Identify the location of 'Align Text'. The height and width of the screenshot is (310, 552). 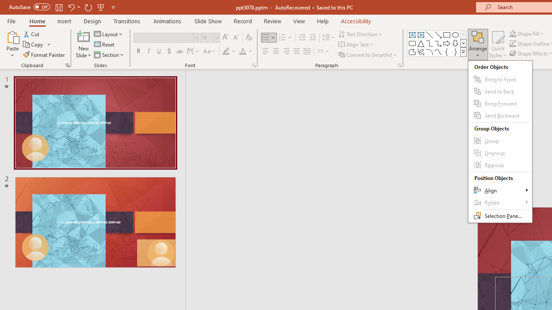
(356, 44).